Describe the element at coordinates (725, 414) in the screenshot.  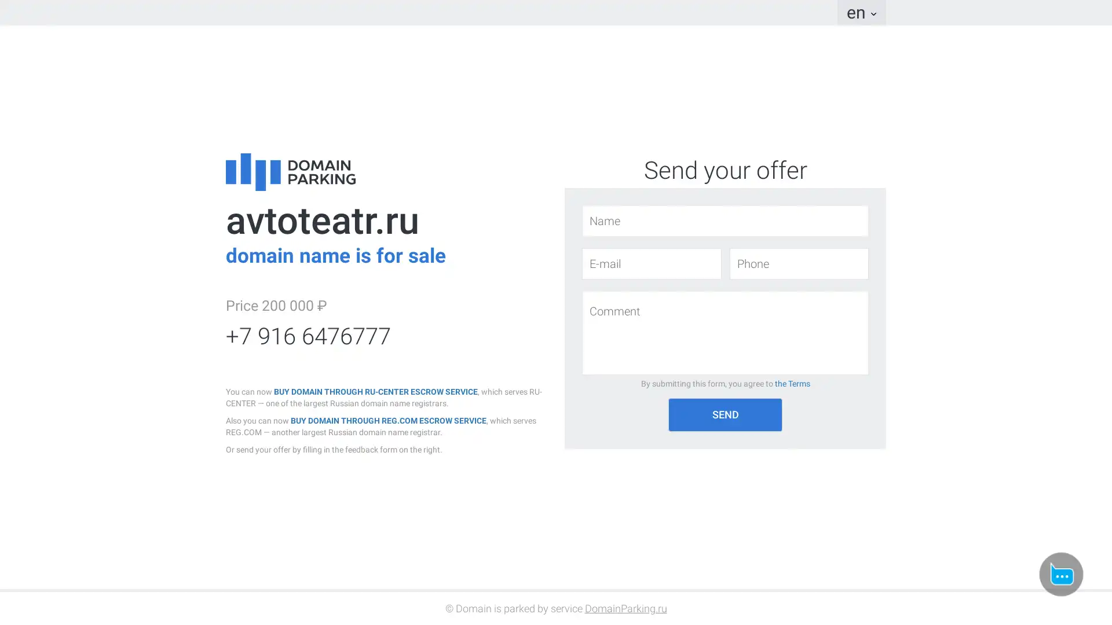
I see `SEND` at that location.